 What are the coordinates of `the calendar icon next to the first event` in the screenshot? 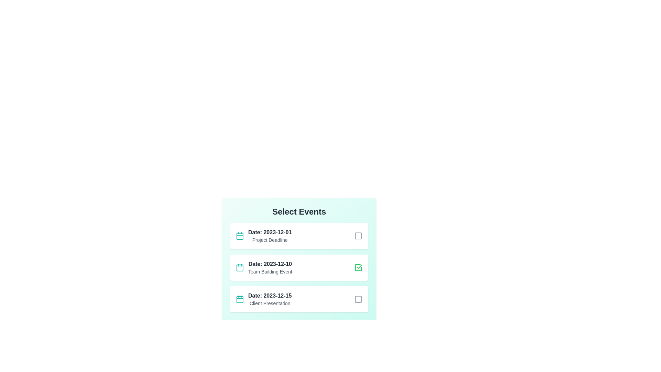 It's located at (240, 236).